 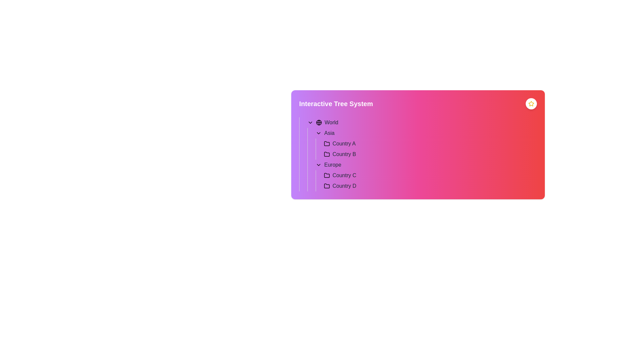 What do you see at coordinates (318, 164) in the screenshot?
I see `the Dropdown Indicator` at bounding box center [318, 164].